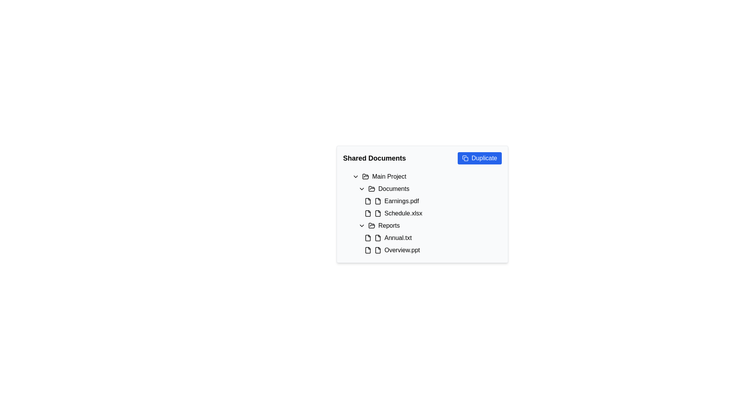  What do you see at coordinates (428, 238) in the screenshot?
I see `to select the file entry 'Annual.txt' located under the 'Reports' folder in the file directory interface` at bounding box center [428, 238].